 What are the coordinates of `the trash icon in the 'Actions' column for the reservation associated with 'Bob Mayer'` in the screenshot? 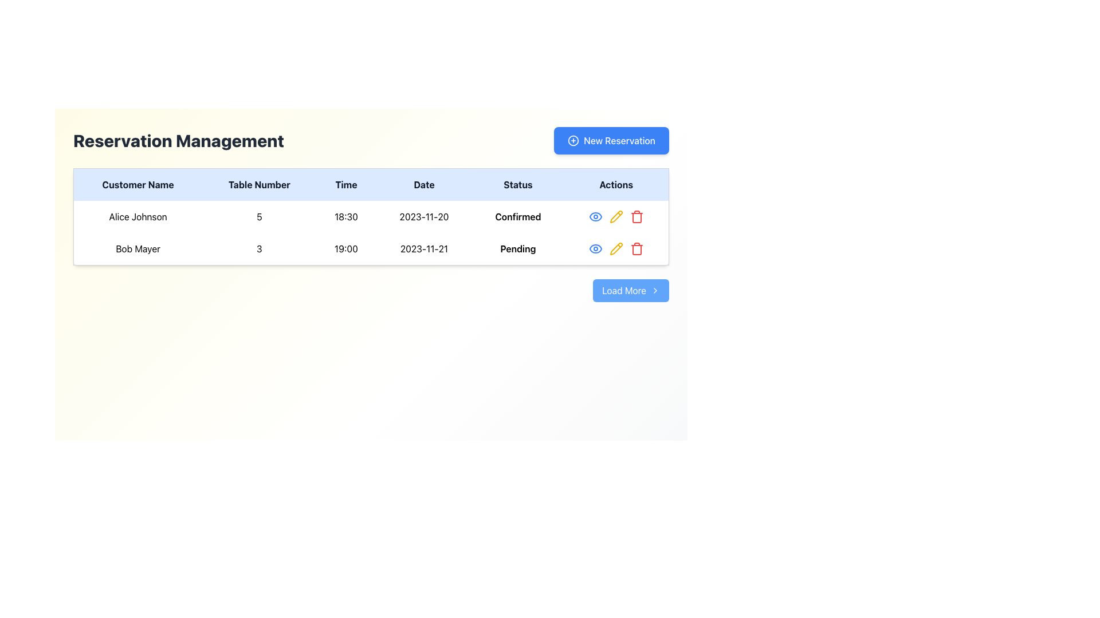 It's located at (615, 248).